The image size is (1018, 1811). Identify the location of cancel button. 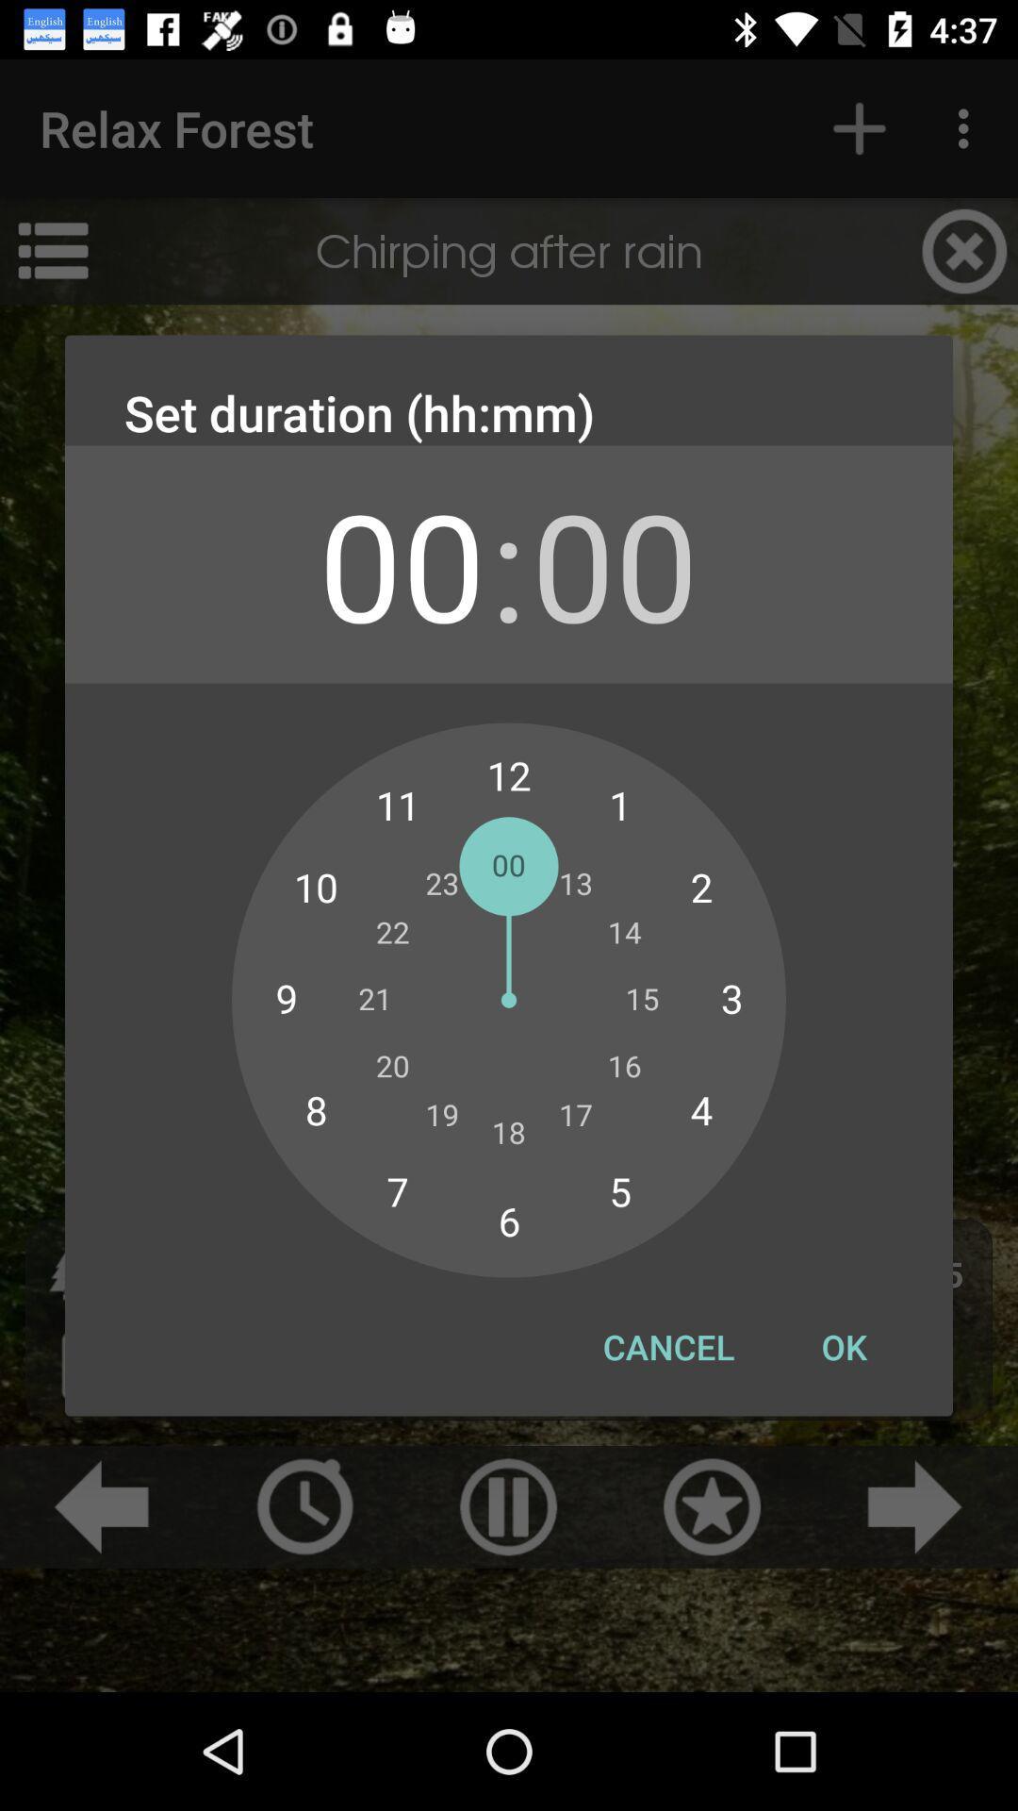
(667, 1346).